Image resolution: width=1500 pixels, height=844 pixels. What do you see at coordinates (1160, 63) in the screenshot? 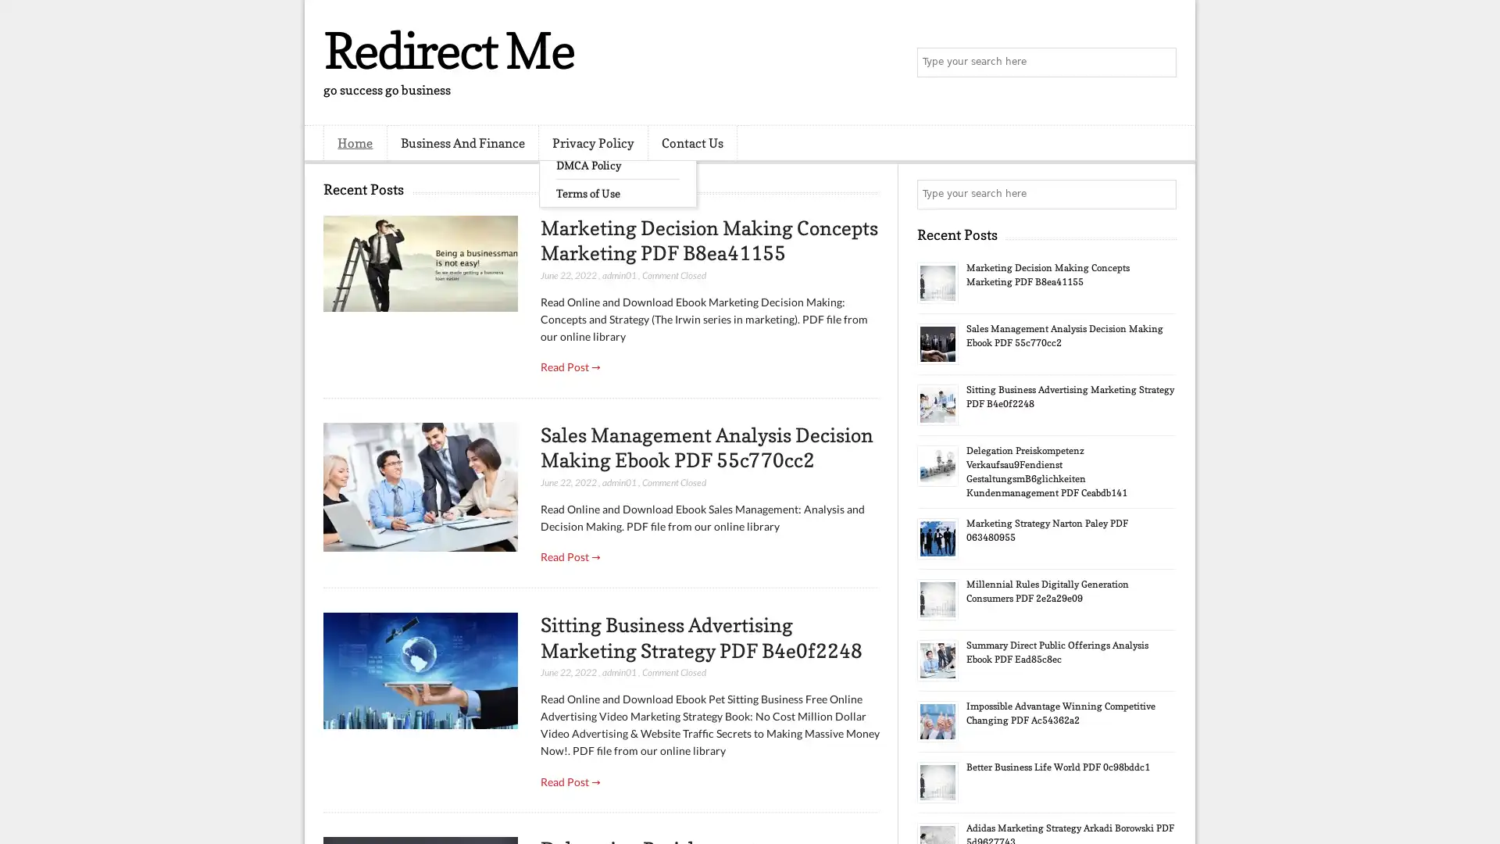
I see `Search` at bounding box center [1160, 63].